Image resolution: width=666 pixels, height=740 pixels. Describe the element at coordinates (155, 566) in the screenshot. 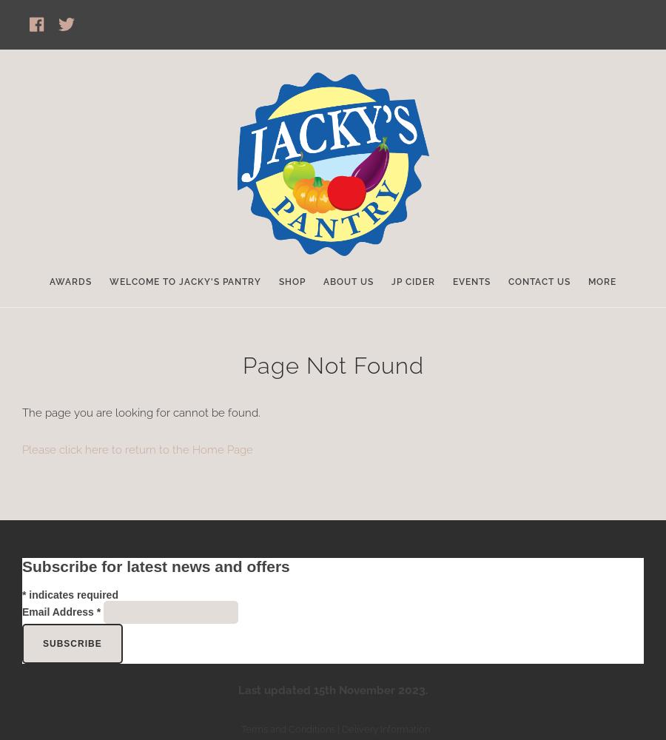

I see `'Subscribe for latest news and offers'` at that location.